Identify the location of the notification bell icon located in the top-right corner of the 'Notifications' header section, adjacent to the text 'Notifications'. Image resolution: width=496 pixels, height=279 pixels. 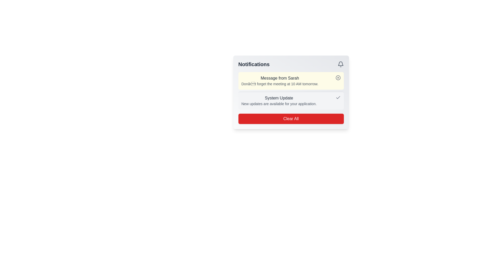
(340, 64).